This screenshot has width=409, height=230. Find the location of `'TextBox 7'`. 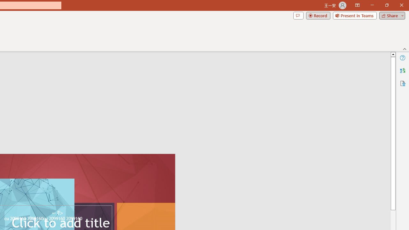

'TextBox 7' is located at coordinates (57, 213).